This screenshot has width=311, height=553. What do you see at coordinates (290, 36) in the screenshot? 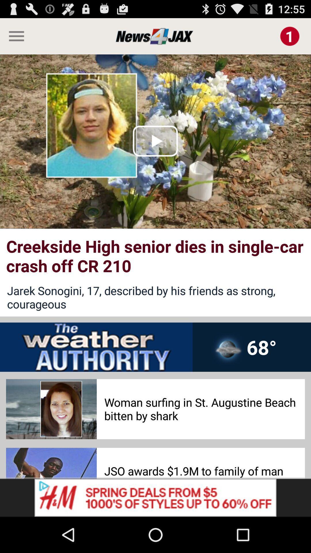
I see `notification` at bounding box center [290, 36].